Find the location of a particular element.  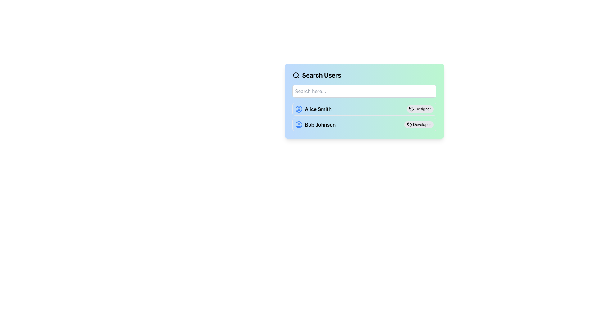

attributes of the SVG graphic icon representing the 'Developer' role, located in the right-aligned user entry is located at coordinates (409, 124).